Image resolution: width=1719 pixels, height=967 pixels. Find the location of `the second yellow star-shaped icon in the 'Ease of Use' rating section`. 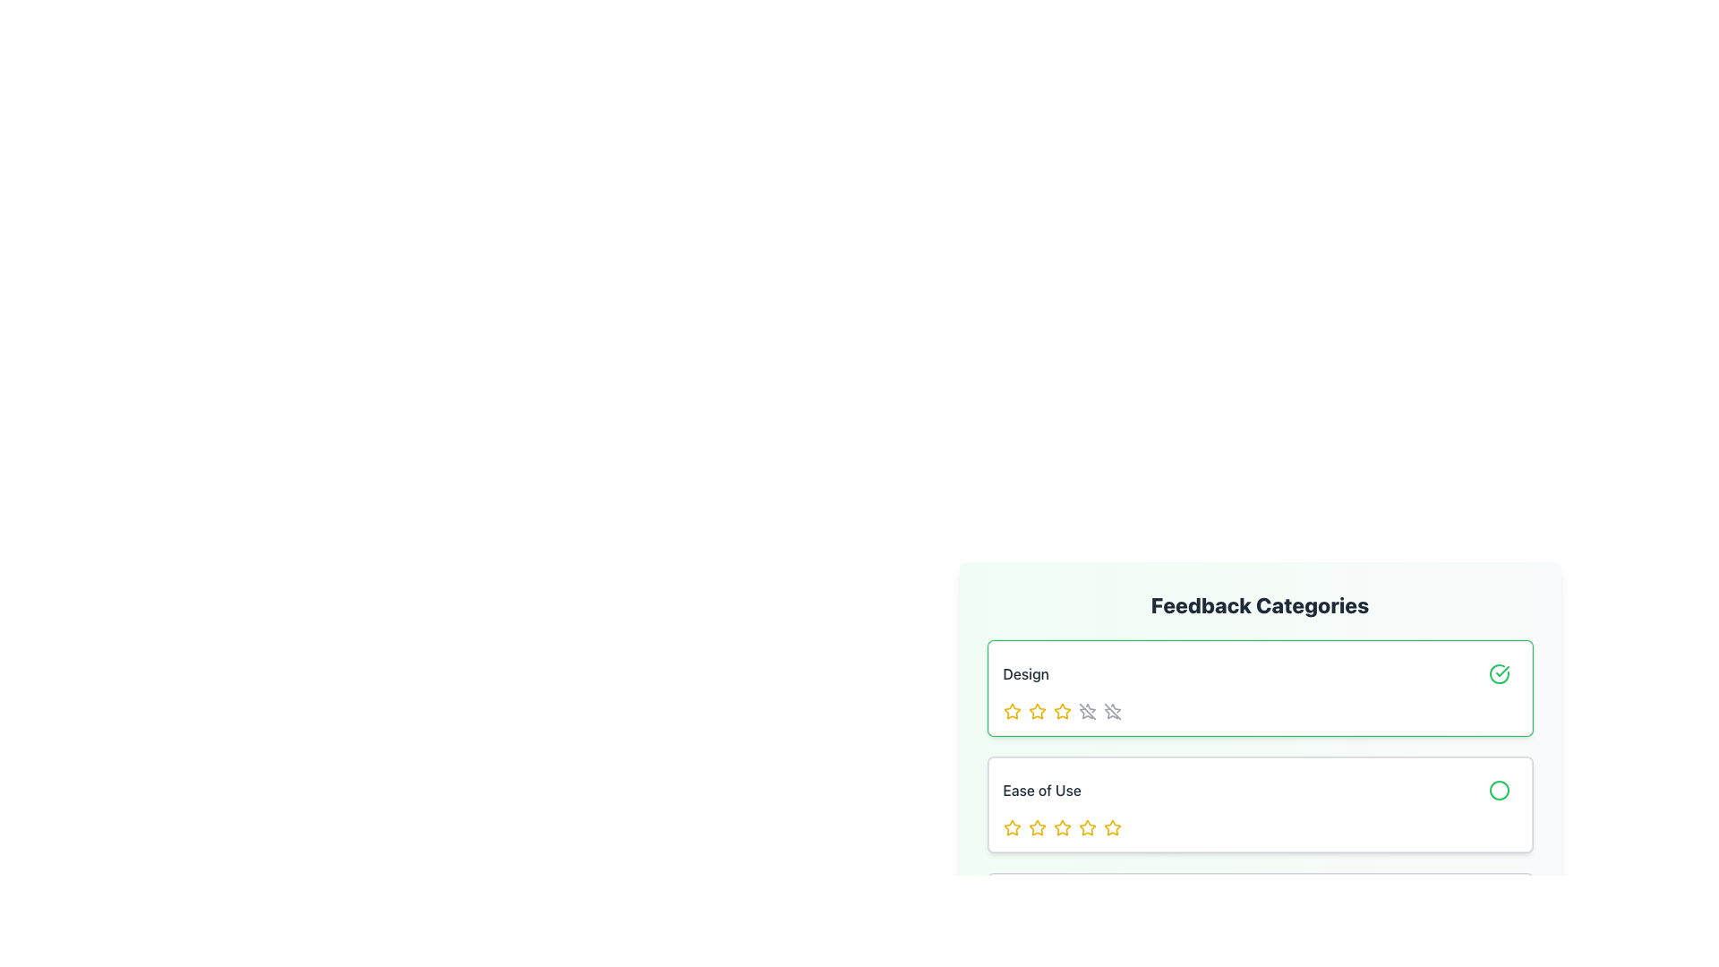

the second yellow star-shaped icon in the 'Ease of Use' rating section is located at coordinates (1037, 828).